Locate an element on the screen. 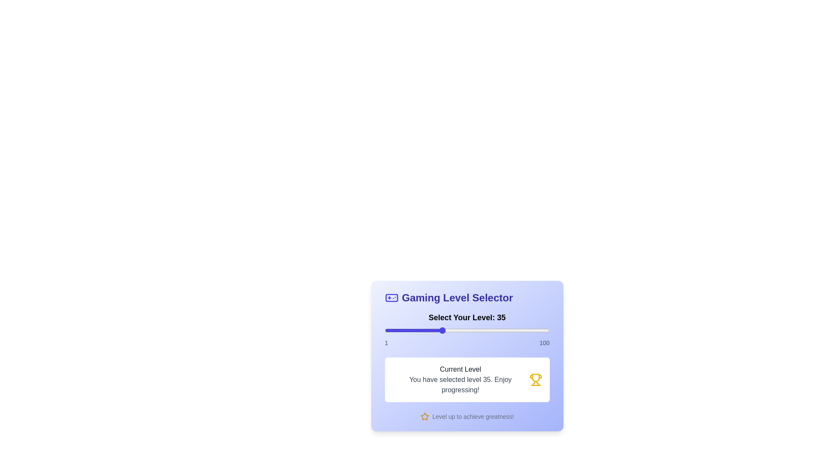 Image resolution: width=824 pixels, height=463 pixels. the circular handle of the horizontal range slider labeled 'Select Your Level: 35' located in the card component below the heading 'Gaming Level Selector' is located at coordinates (467, 329).